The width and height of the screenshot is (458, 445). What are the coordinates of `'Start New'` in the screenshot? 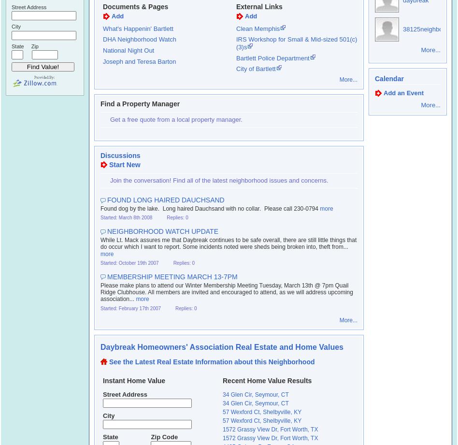 It's located at (125, 164).